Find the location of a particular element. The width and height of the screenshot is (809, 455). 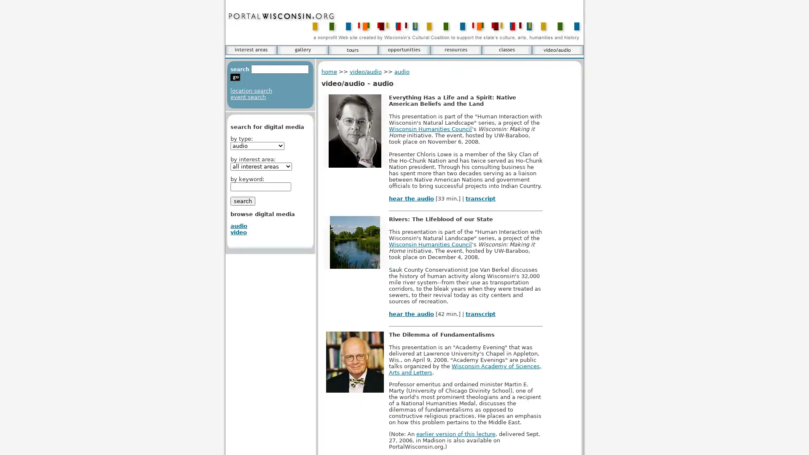

go is located at coordinates (235, 78).